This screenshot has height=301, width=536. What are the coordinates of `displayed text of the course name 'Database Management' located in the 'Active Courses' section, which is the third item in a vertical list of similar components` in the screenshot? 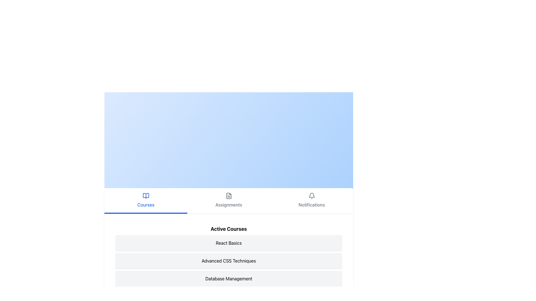 It's located at (229, 278).